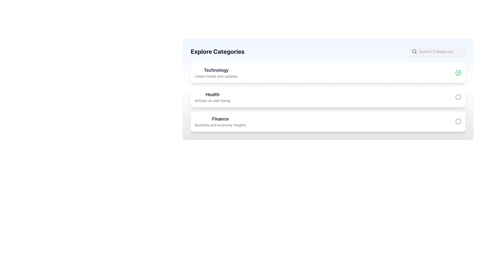 This screenshot has width=487, height=274. Describe the element at coordinates (328, 121) in the screenshot. I see `the selectable list item titled 'Finance' which is the third item in the 'Explore Categories' list` at that location.